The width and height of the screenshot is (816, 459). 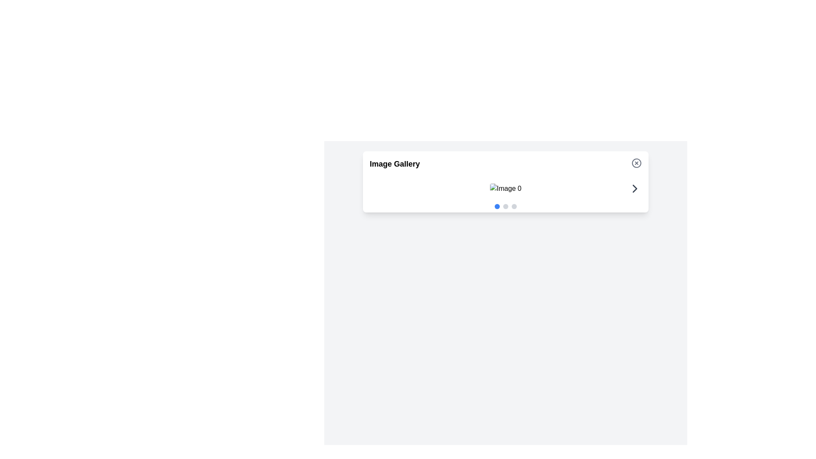 What do you see at coordinates (506, 188) in the screenshot?
I see `the dark gray image with white text 'Image0'` at bounding box center [506, 188].